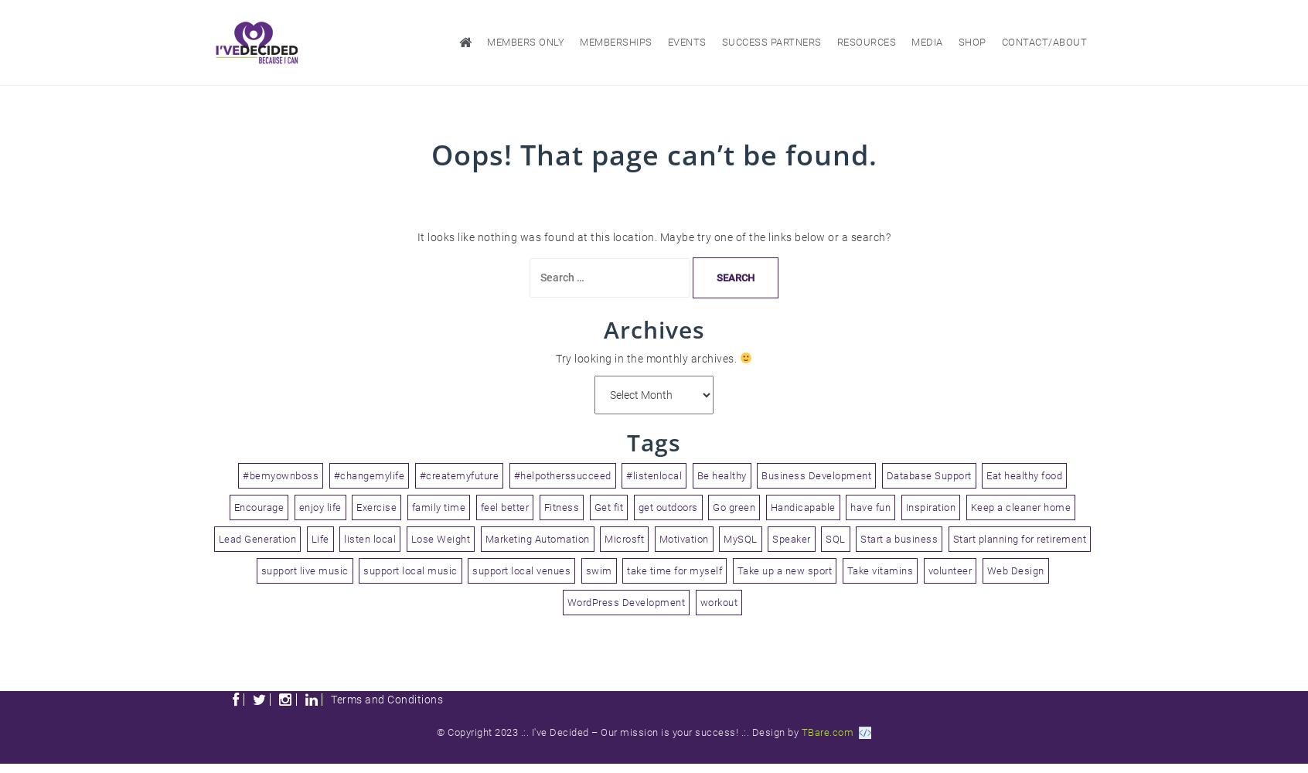 The image size is (1308, 773). What do you see at coordinates (846, 569) in the screenshot?
I see `'Take vitamins'` at bounding box center [846, 569].